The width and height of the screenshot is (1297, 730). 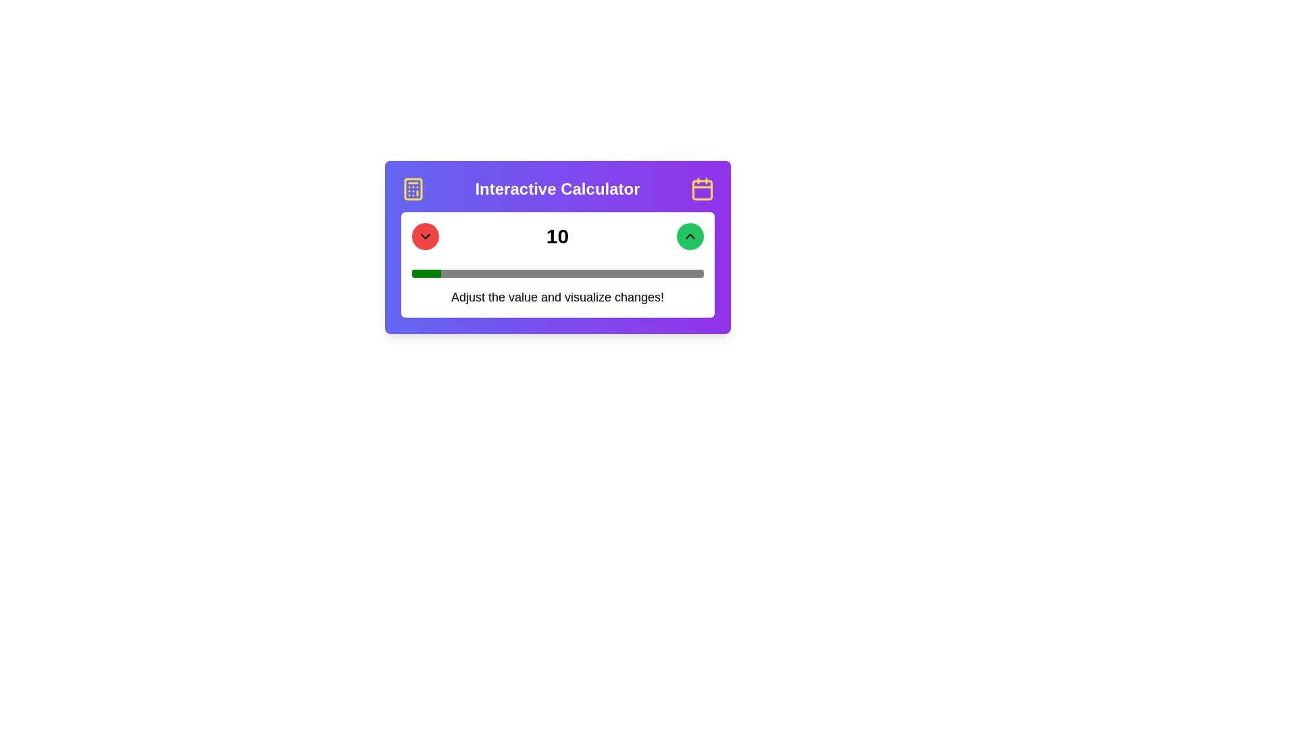 I want to click on the rightmost circular button with a bright green background and an upward-pointing chevron icon to increment the value, so click(x=690, y=236).